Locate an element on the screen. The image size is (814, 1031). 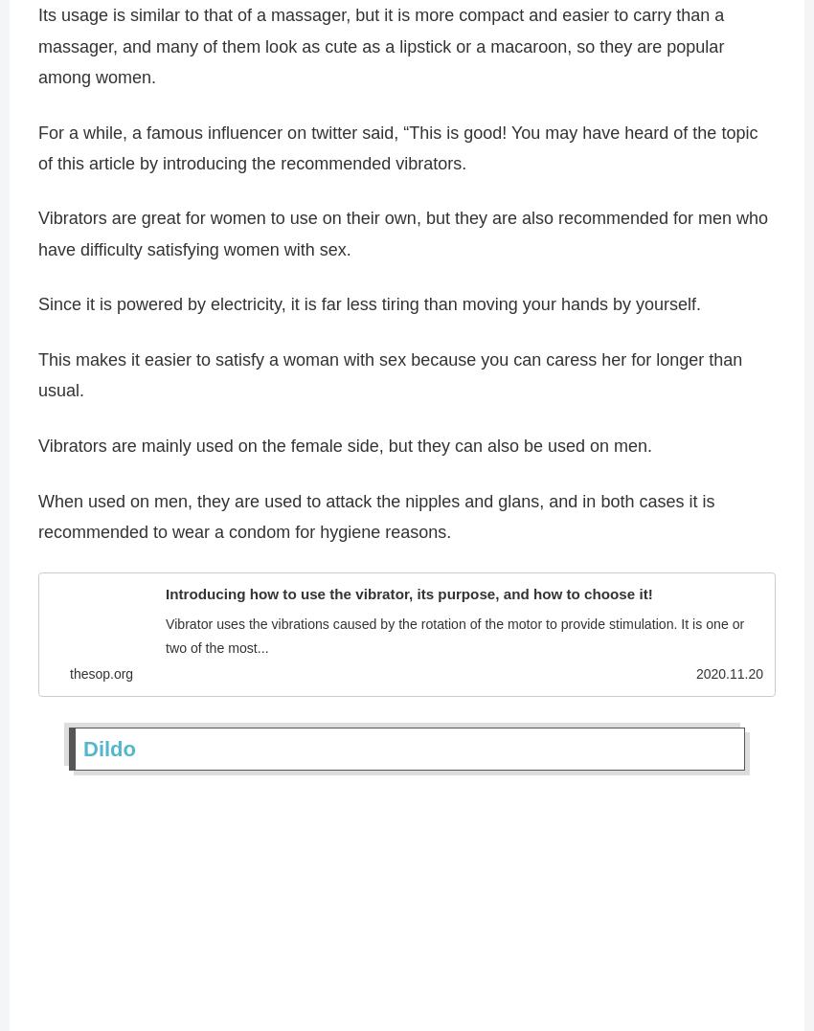
'Since it is powered by electricity, it is far less tiring than moving your hands by yourself.' is located at coordinates (369, 311).